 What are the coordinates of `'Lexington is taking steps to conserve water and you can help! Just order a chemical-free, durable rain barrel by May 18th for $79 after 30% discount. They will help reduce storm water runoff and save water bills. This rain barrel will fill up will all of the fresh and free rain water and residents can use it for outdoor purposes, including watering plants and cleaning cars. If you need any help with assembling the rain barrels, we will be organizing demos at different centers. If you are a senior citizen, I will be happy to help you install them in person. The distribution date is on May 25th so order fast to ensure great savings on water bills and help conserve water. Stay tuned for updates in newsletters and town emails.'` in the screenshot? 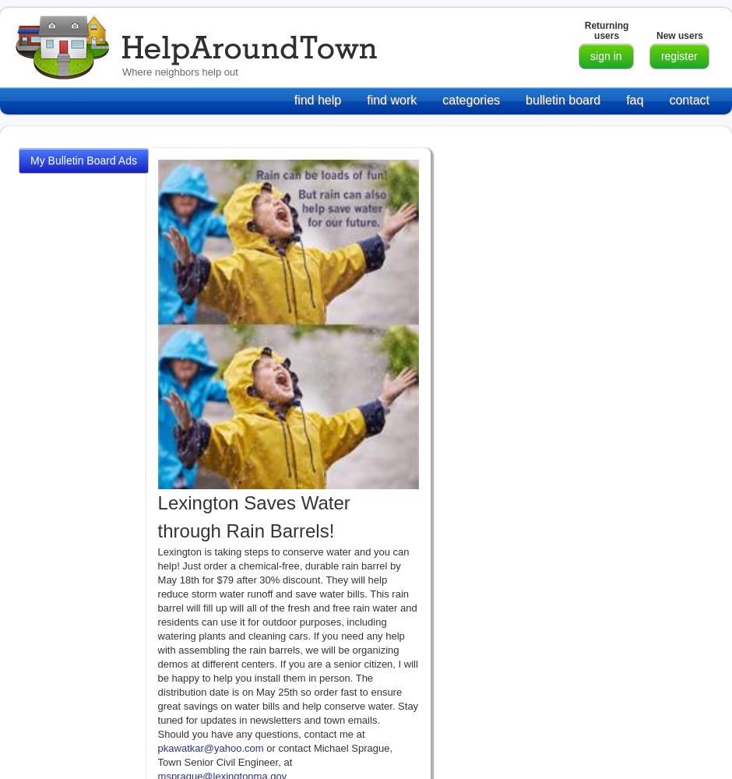 It's located at (287, 634).